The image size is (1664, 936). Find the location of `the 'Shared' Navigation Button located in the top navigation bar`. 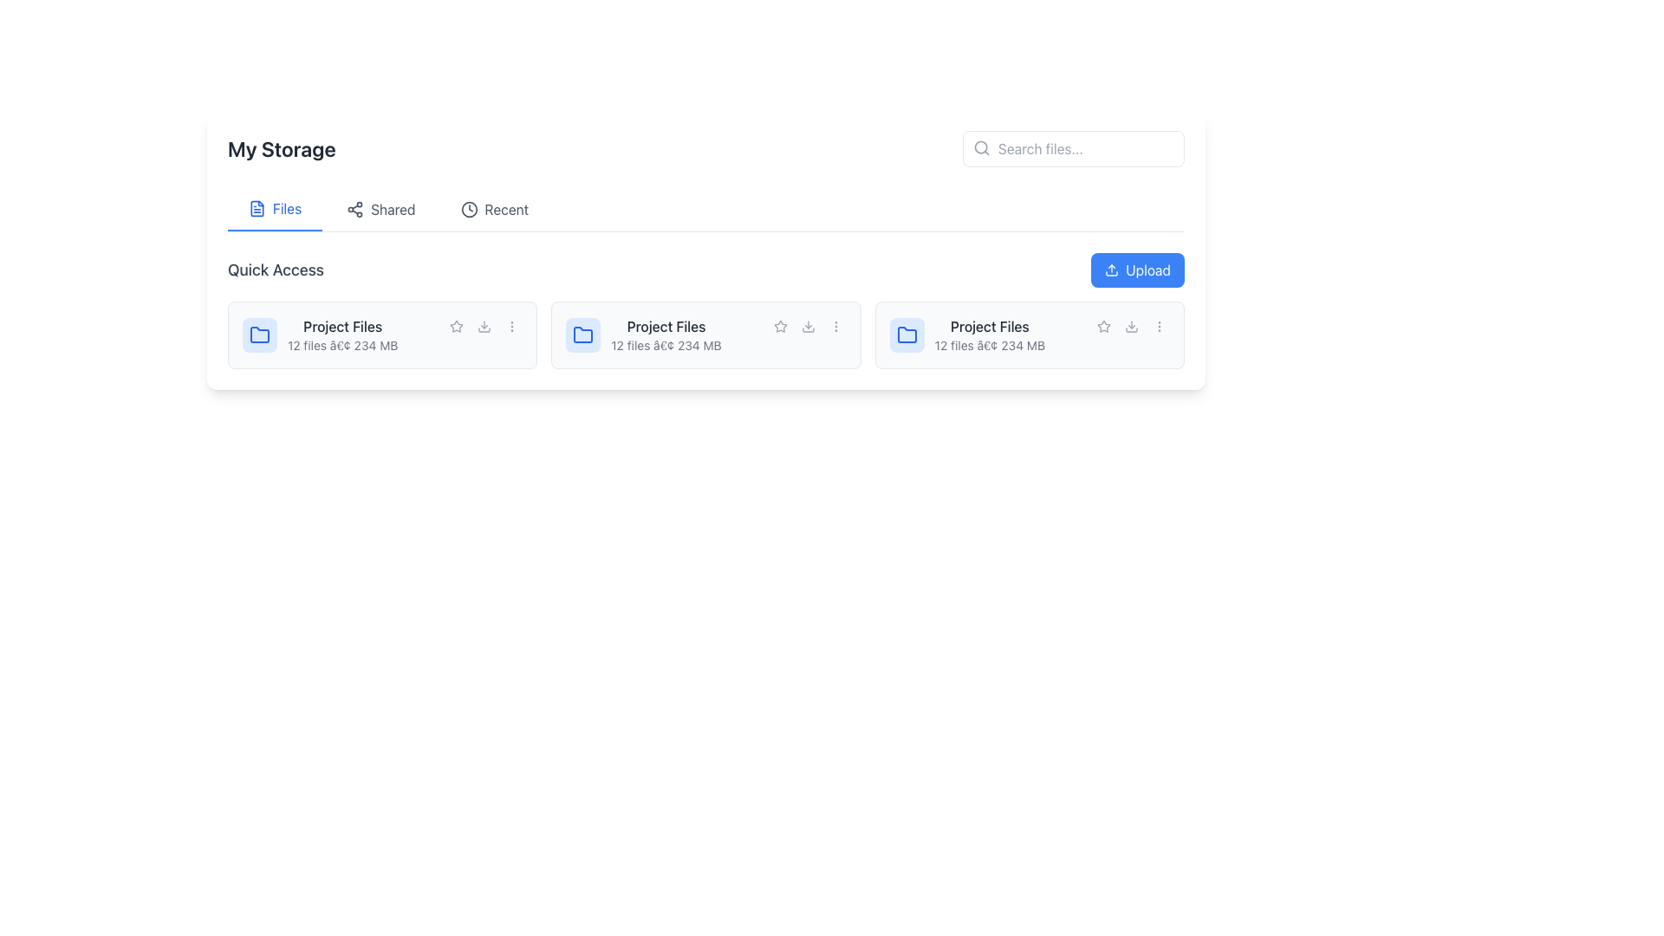

the 'Shared' Navigation Button located in the top navigation bar is located at coordinates (379, 209).